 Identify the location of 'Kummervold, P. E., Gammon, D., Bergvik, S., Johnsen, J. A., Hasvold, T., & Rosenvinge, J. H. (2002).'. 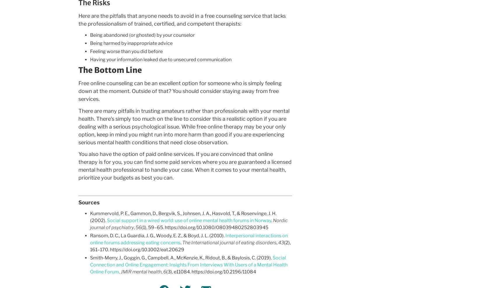
(183, 217).